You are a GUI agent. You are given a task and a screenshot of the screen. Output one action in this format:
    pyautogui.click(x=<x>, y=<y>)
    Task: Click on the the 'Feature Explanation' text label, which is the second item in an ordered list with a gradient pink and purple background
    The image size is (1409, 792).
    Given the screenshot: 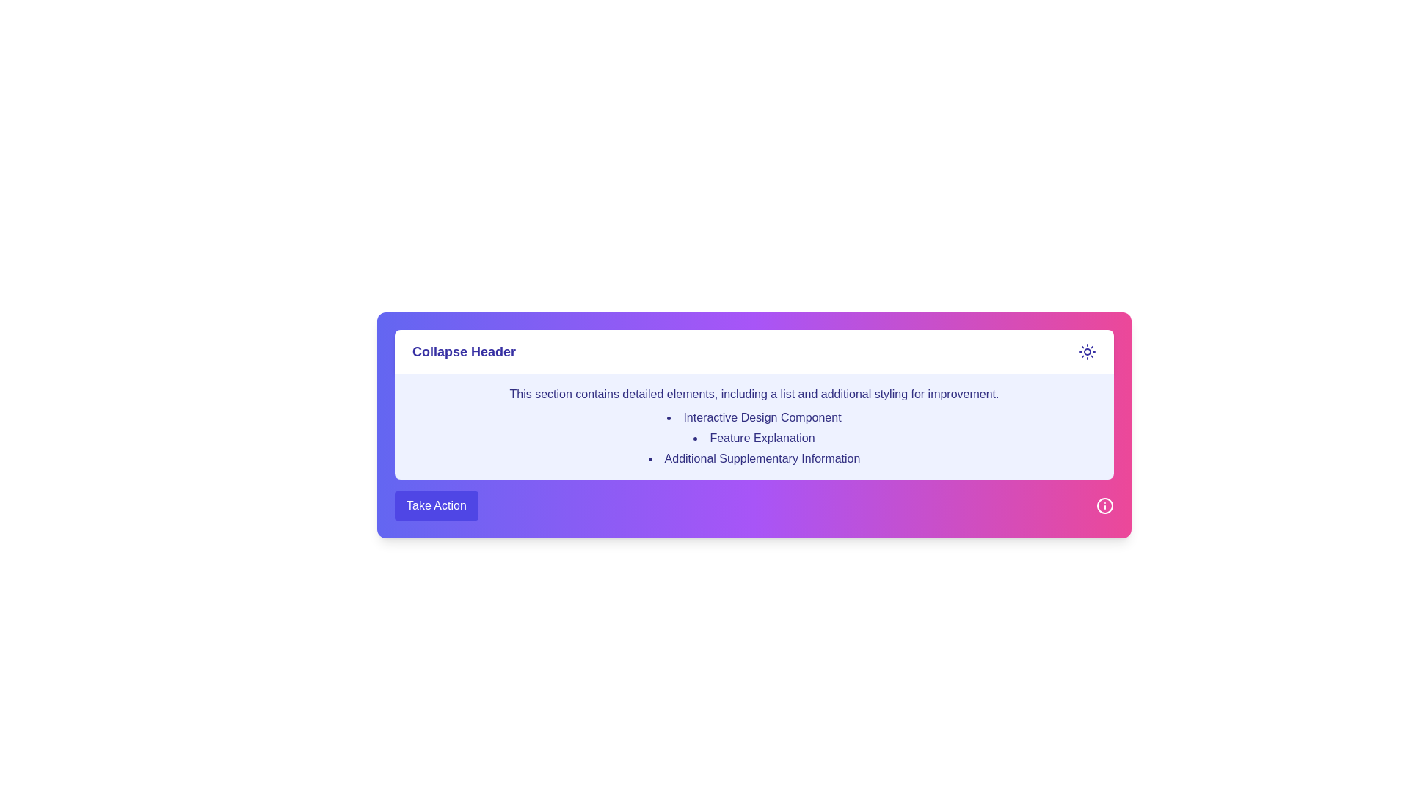 What is the action you would take?
    pyautogui.click(x=754, y=437)
    